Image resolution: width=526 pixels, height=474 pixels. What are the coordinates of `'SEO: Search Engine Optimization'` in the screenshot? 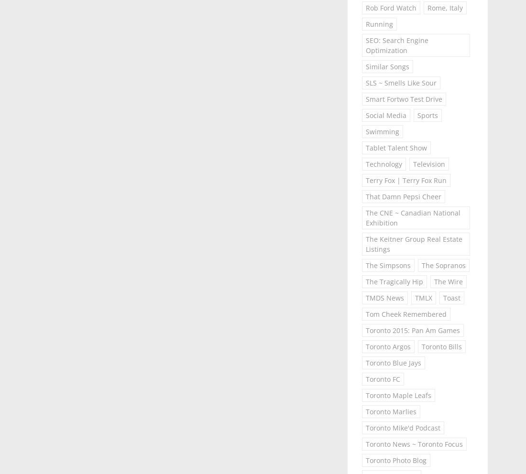 It's located at (396, 45).